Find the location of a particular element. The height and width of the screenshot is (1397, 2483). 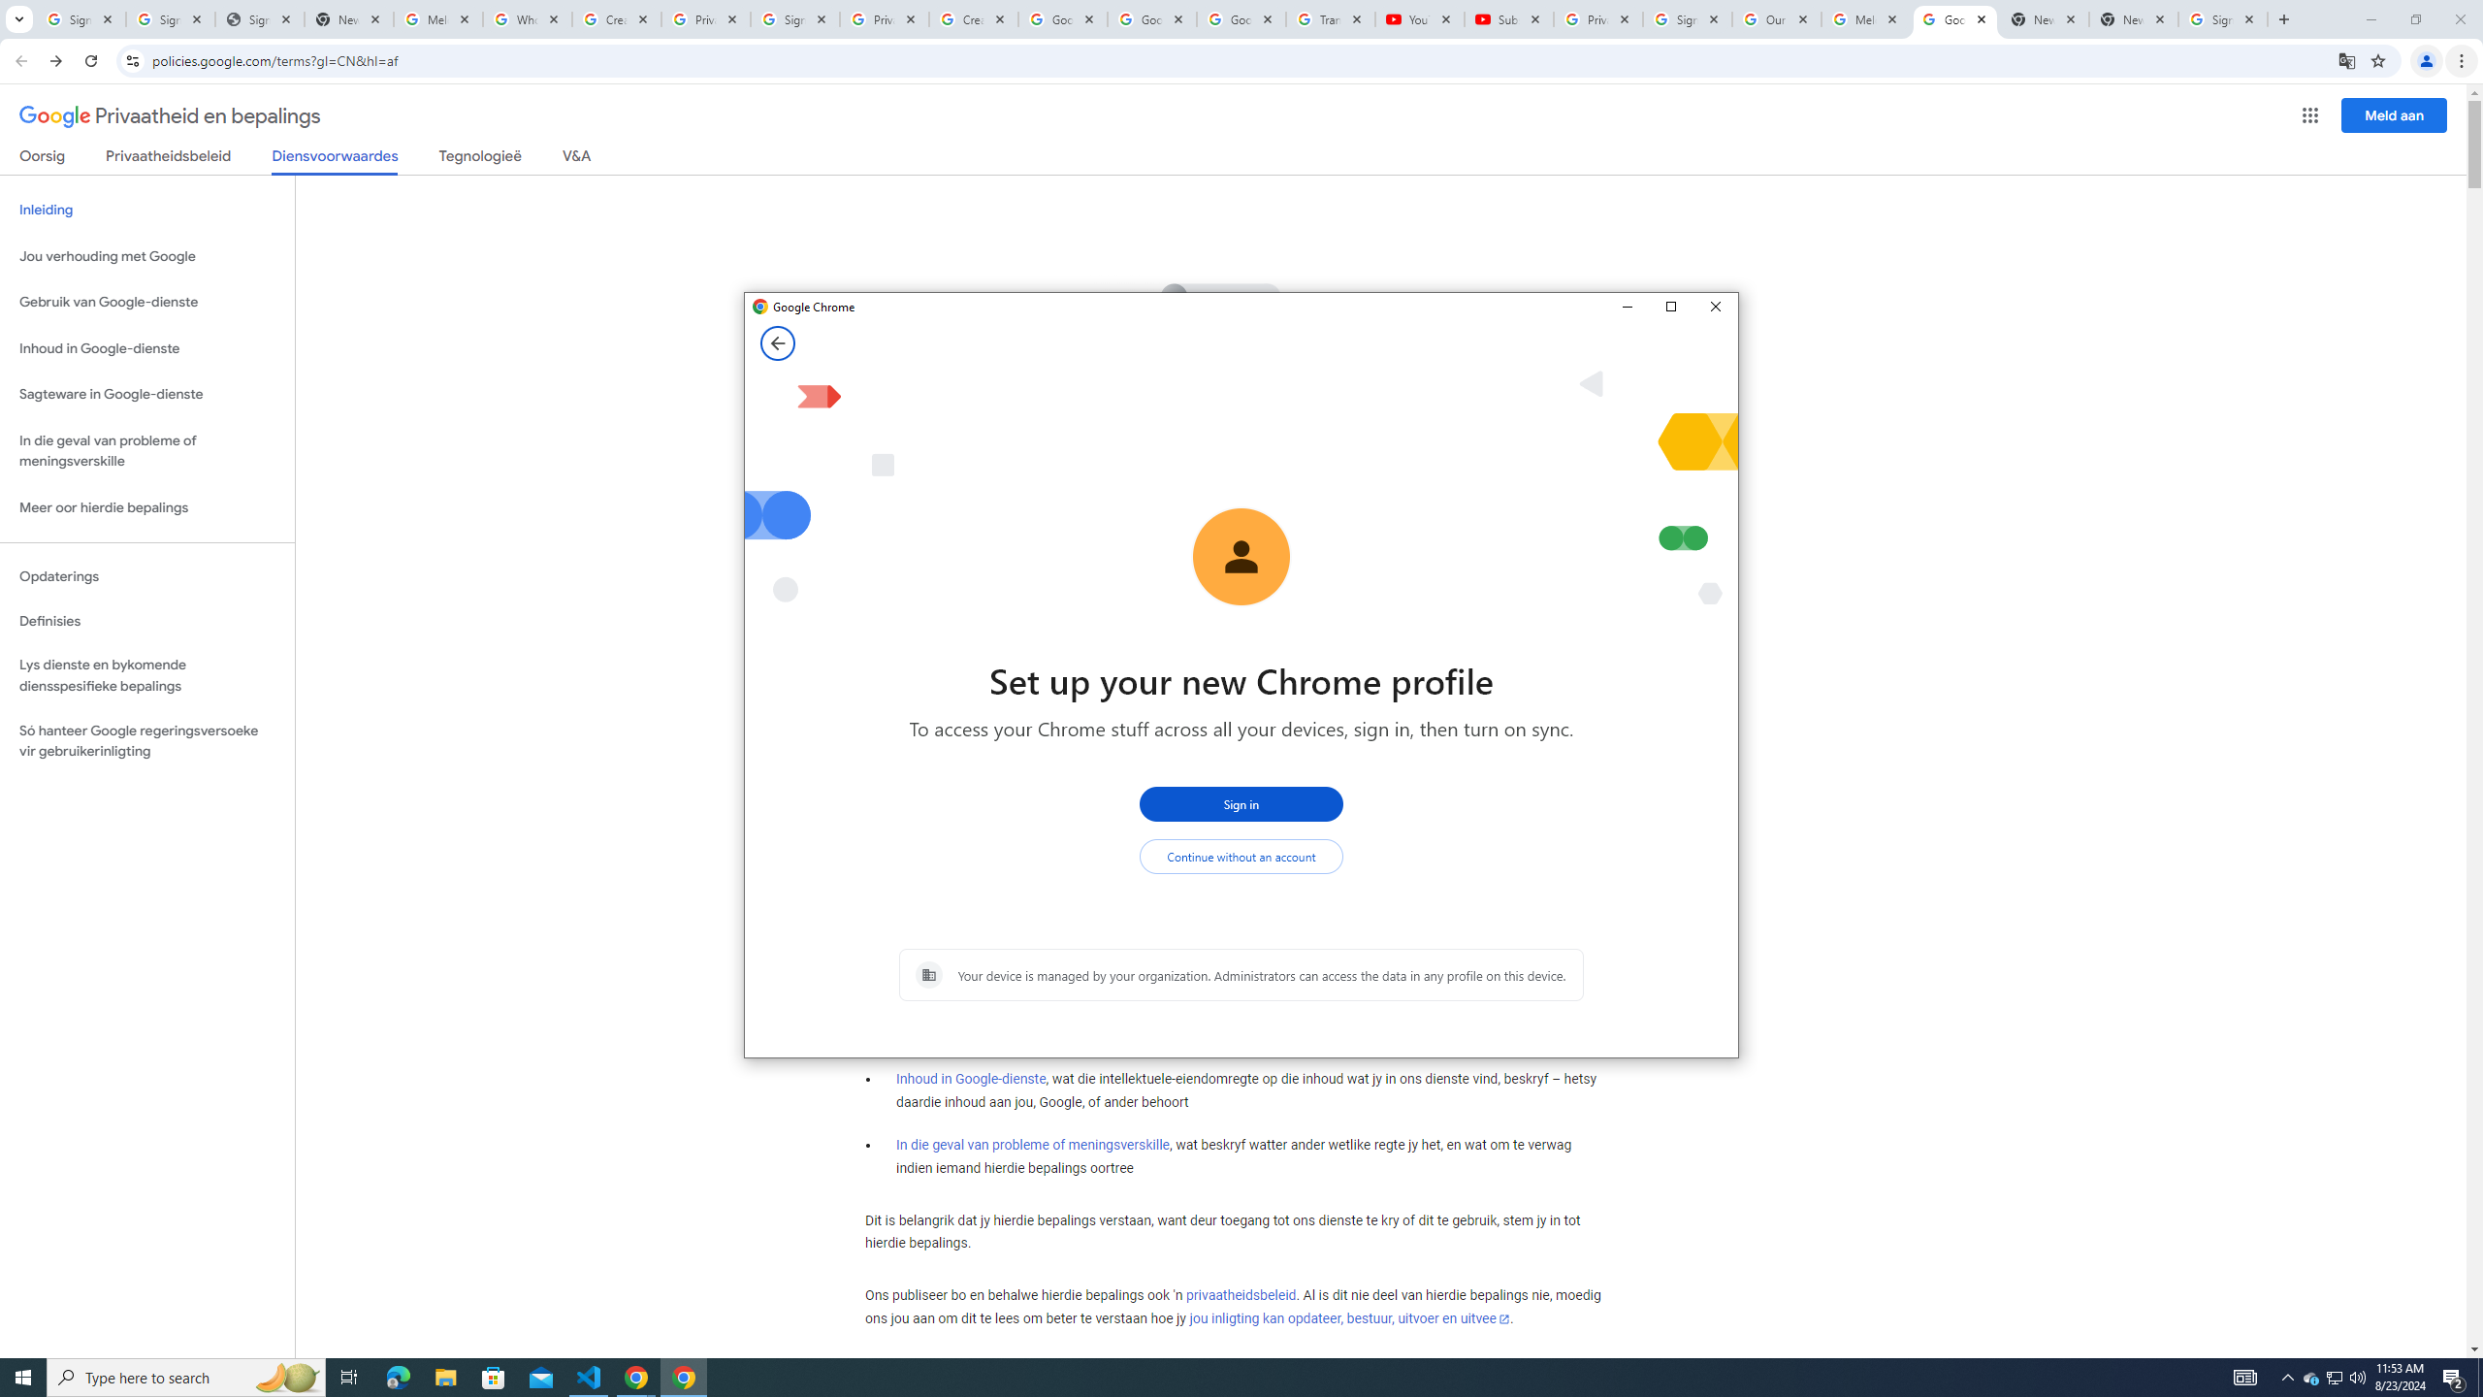

'Opdaterings' is located at coordinates (146, 575).